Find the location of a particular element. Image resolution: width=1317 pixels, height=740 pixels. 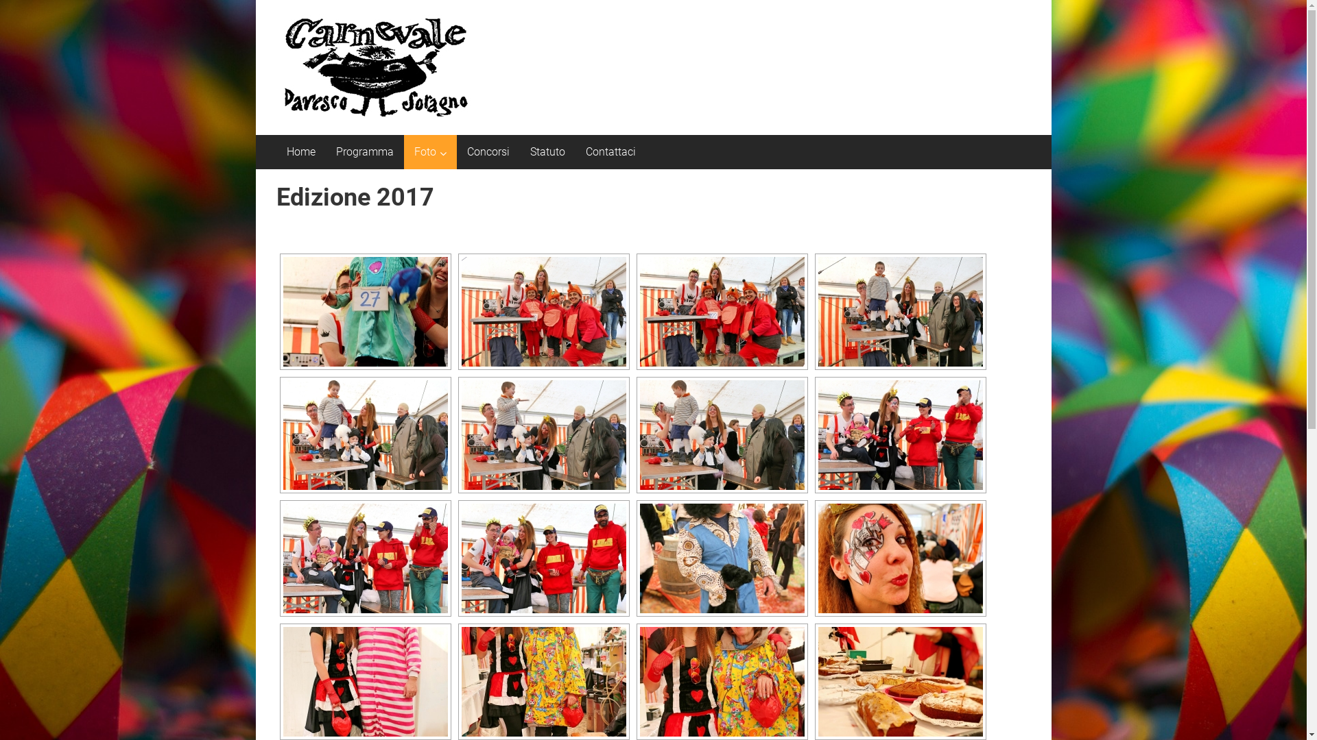

'Statuto' is located at coordinates (546, 152).